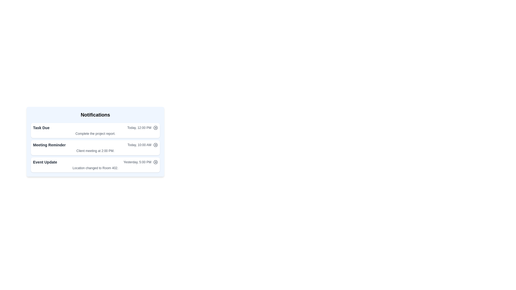  Describe the element at coordinates (49, 145) in the screenshot. I see `the 'Meeting Reminder' text label, which is bolded and dark gray, located in the notifications panel` at that location.